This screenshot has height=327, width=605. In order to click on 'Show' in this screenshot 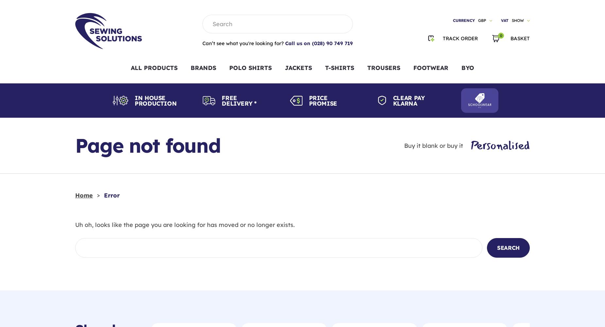, I will do `click(518, 20)`.